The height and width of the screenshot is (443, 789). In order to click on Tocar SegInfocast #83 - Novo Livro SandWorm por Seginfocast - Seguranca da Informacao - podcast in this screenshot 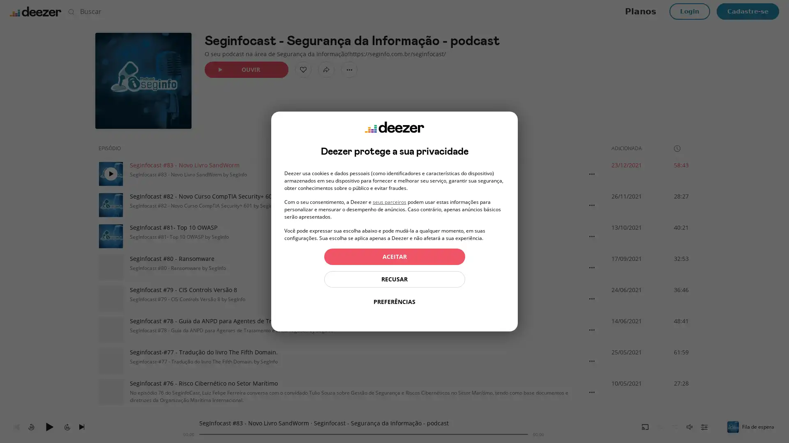, I will do `click(110, 174)`.